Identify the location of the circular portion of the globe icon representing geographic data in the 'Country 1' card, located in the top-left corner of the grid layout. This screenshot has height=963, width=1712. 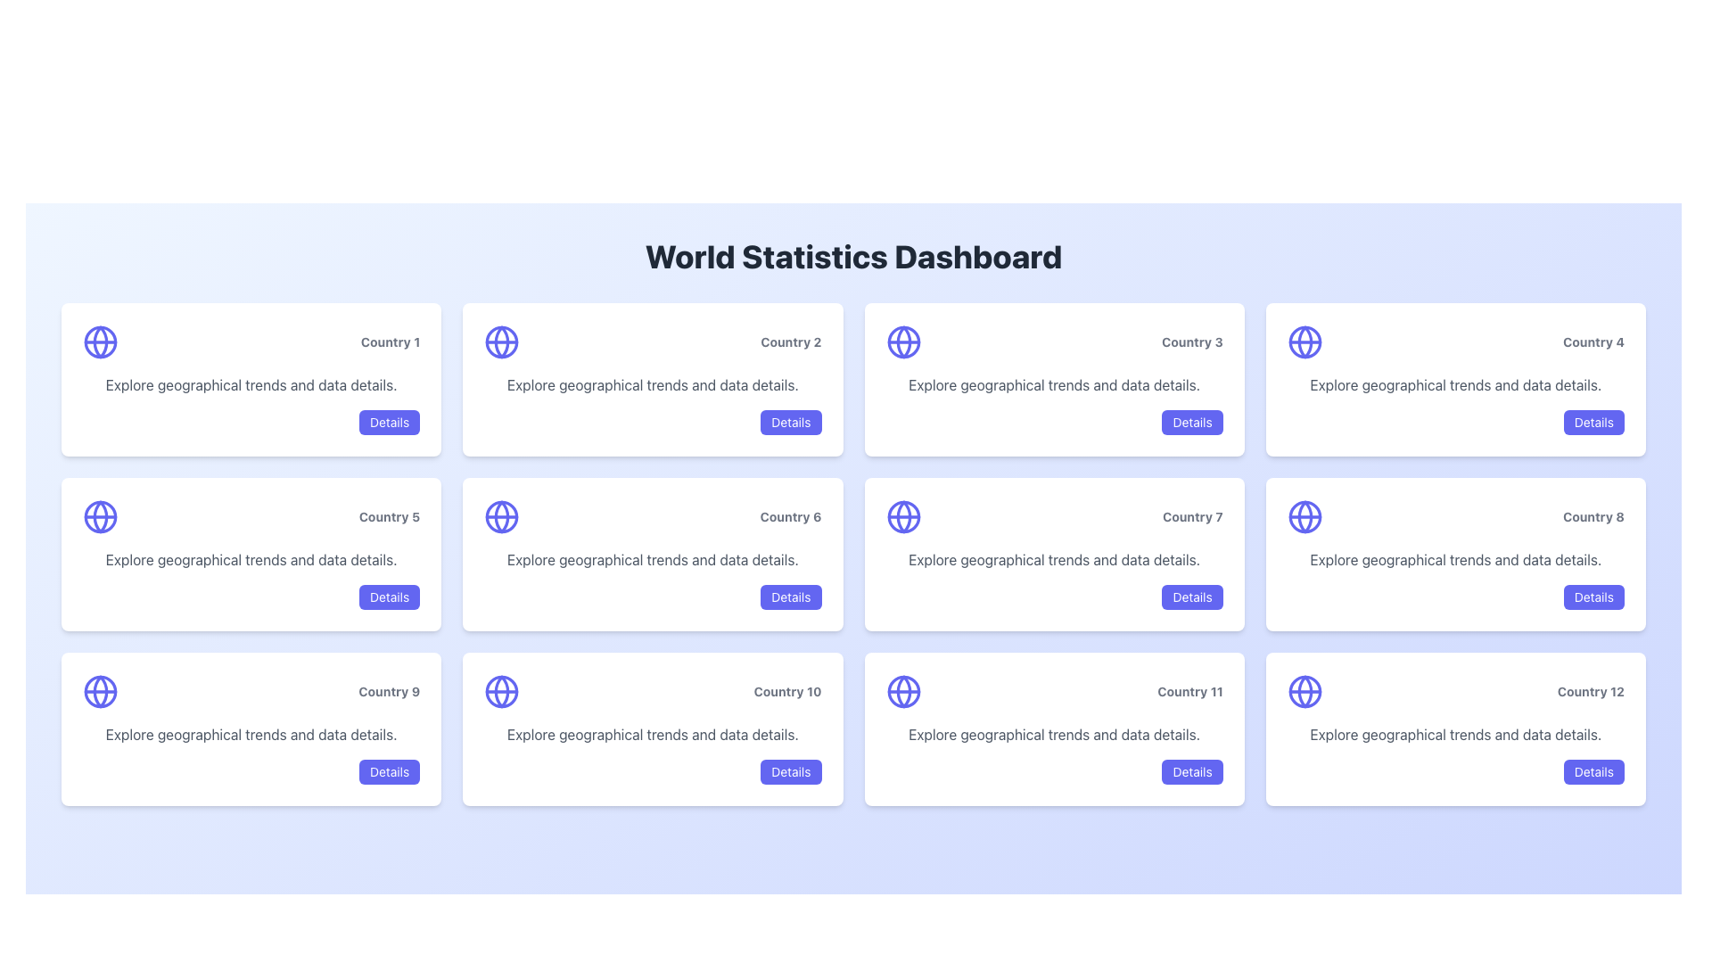
(100, 342).